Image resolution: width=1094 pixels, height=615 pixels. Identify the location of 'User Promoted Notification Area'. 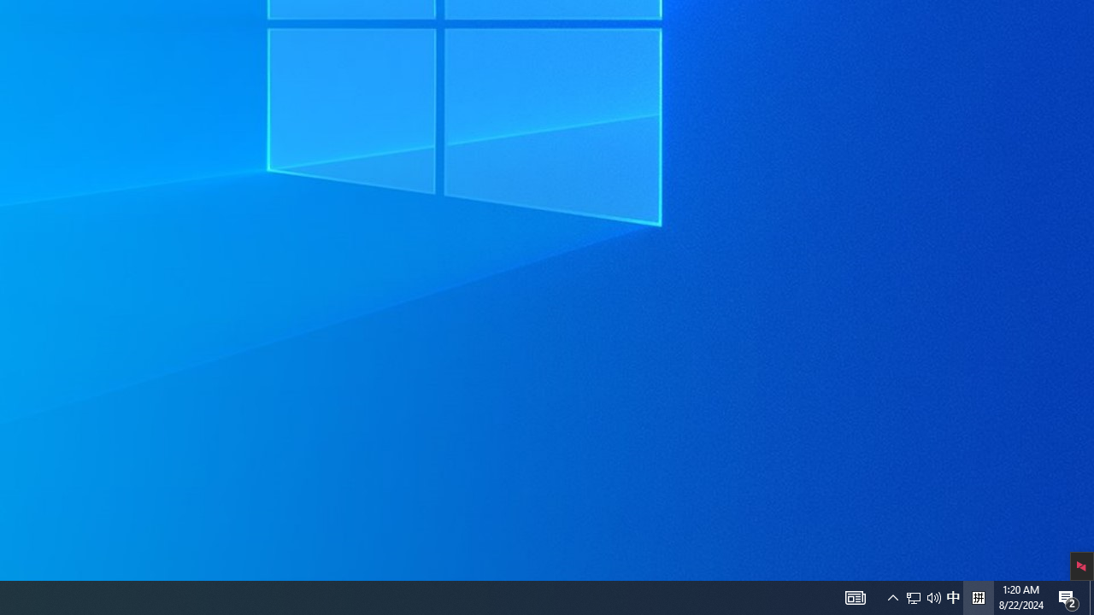
(922, 596).